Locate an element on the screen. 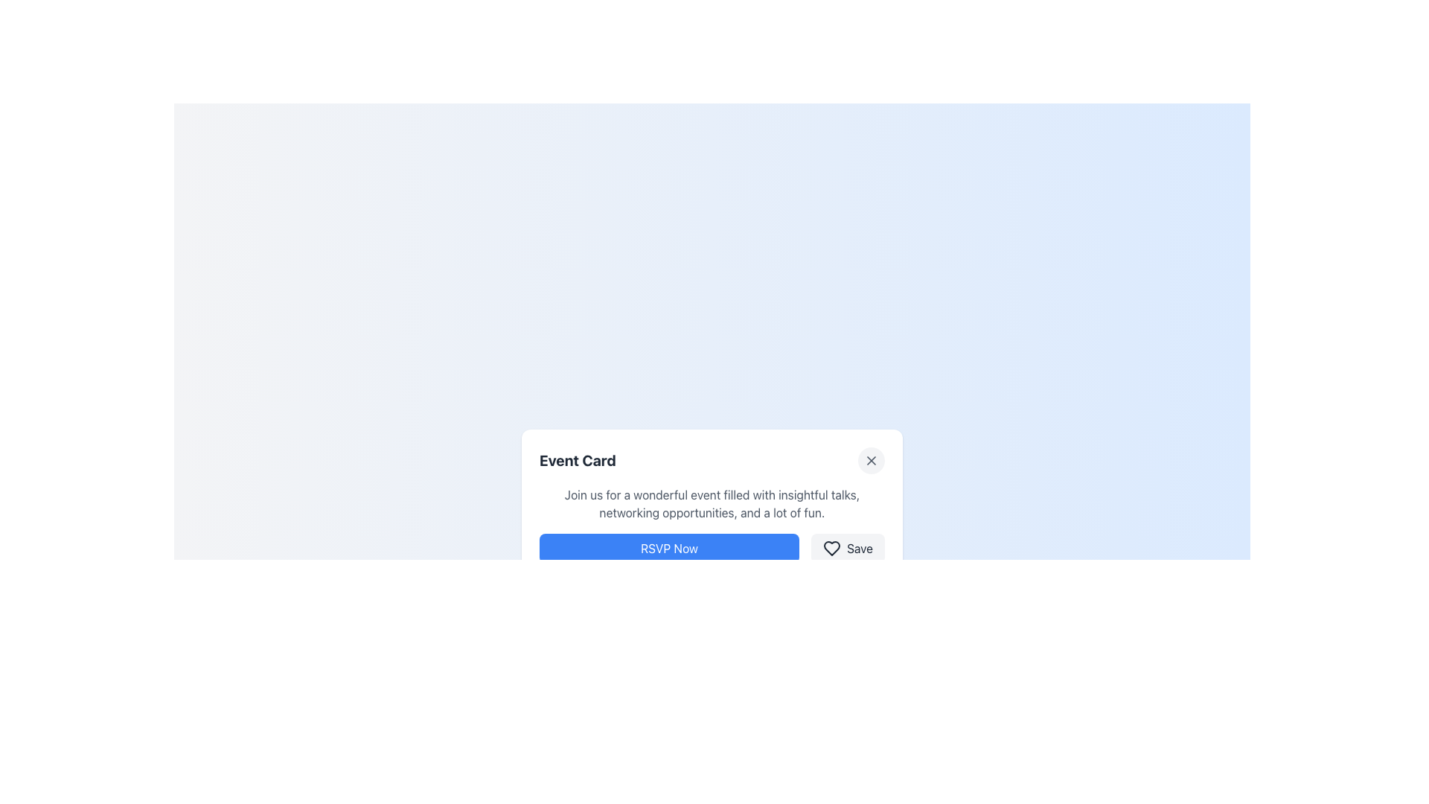 The height and width of the screenshot is (804, 1429). title 'Event Card' from the title-bar located at the top of the card layout, which includes a dismissive button is located at coordinates (711, 459).